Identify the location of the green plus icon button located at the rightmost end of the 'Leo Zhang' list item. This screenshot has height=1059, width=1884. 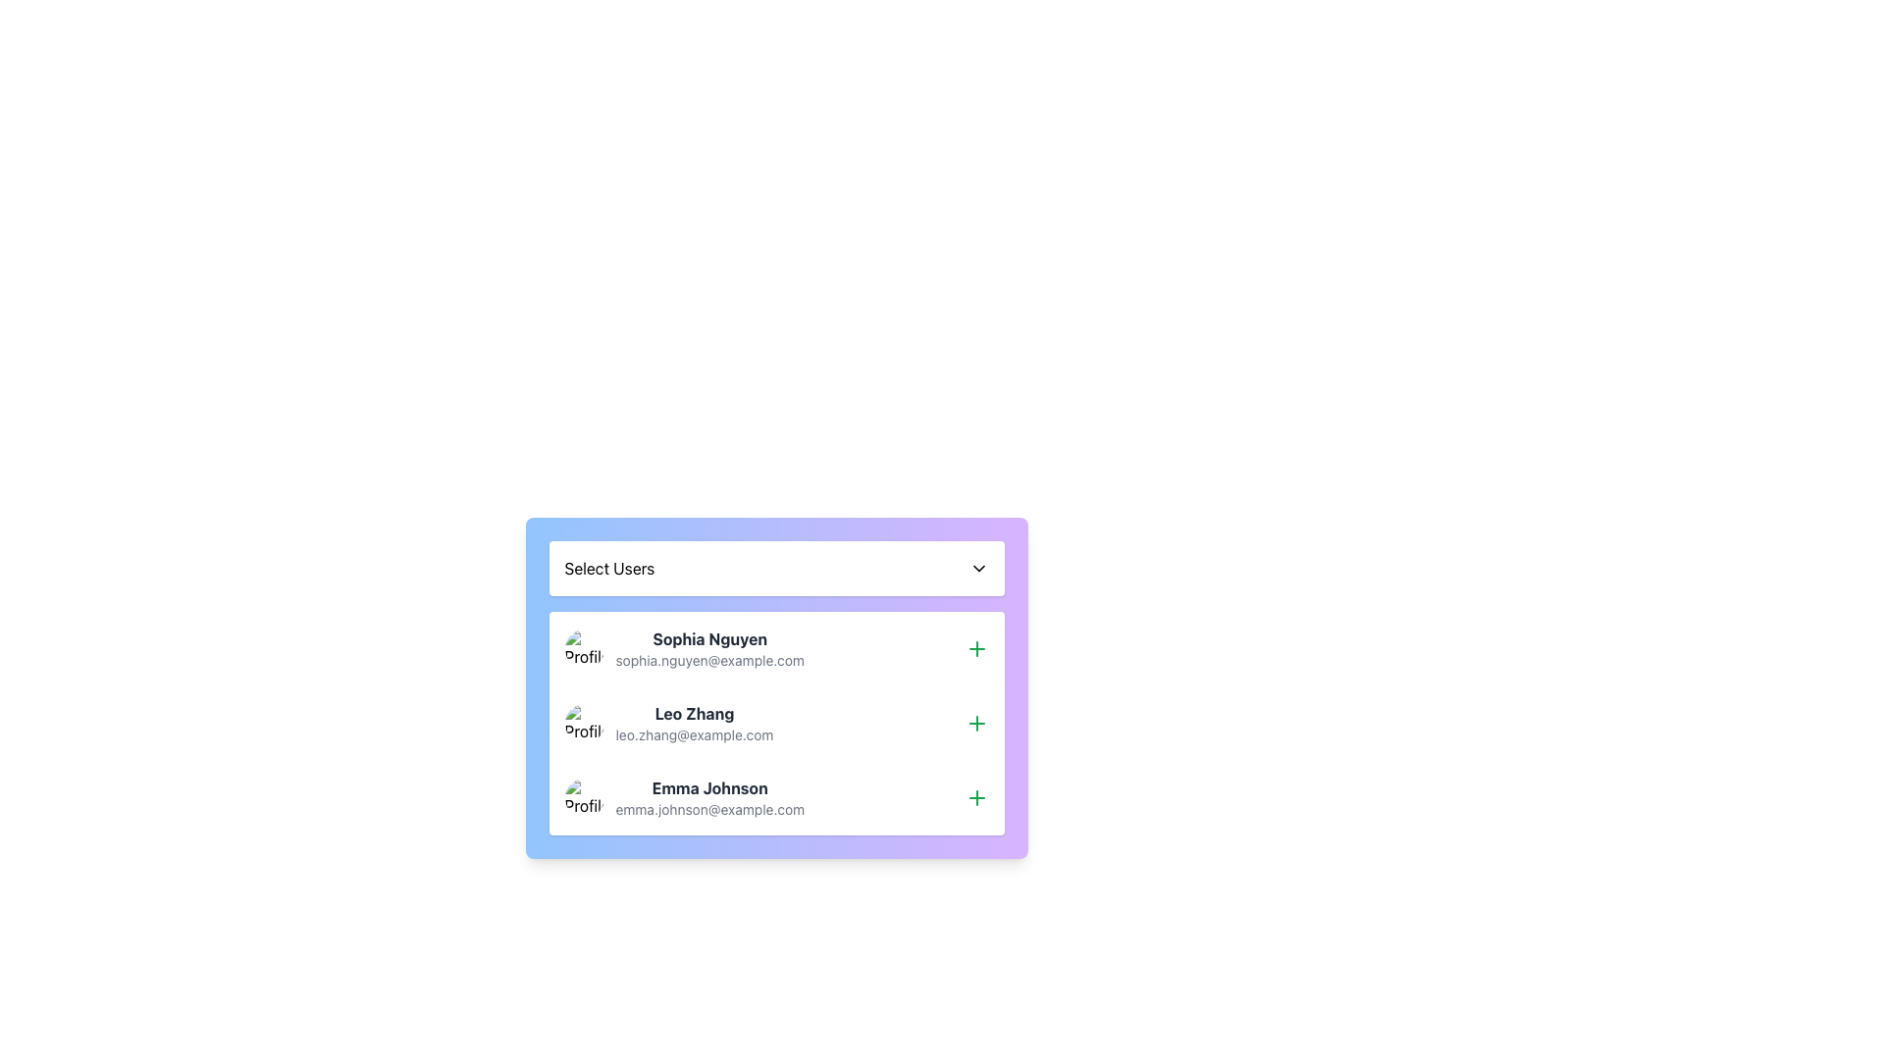
(976, 723).